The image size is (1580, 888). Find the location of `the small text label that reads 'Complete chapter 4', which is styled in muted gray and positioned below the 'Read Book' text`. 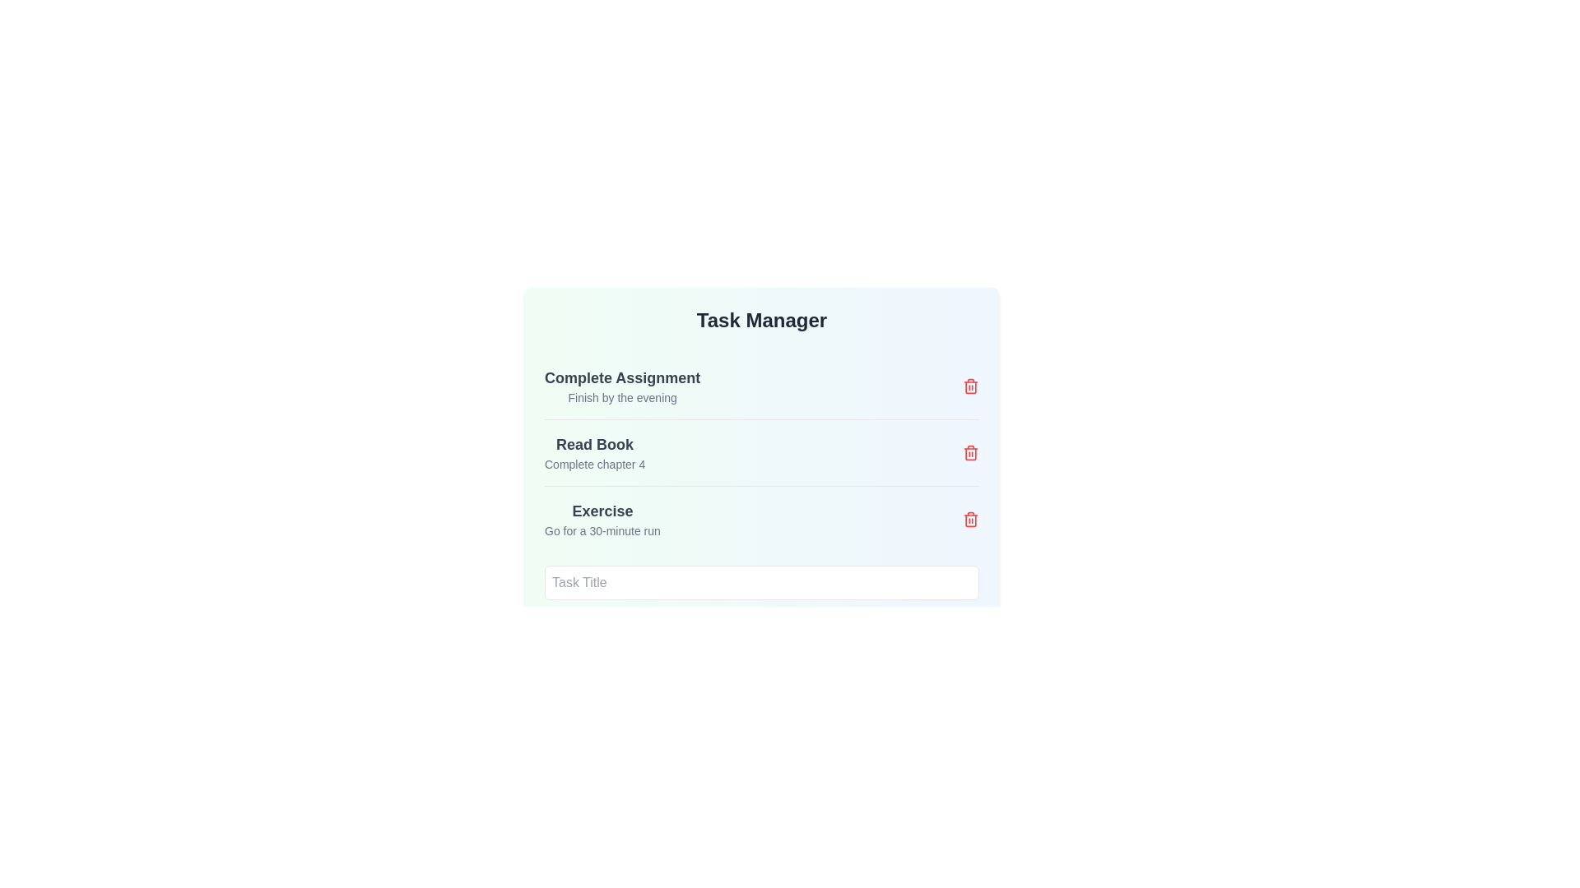

the small text label that reads 'Complete chapter 4', which is styled in muted gray and positioned below the 'Read Book' text is located at coordinates (594, 464).